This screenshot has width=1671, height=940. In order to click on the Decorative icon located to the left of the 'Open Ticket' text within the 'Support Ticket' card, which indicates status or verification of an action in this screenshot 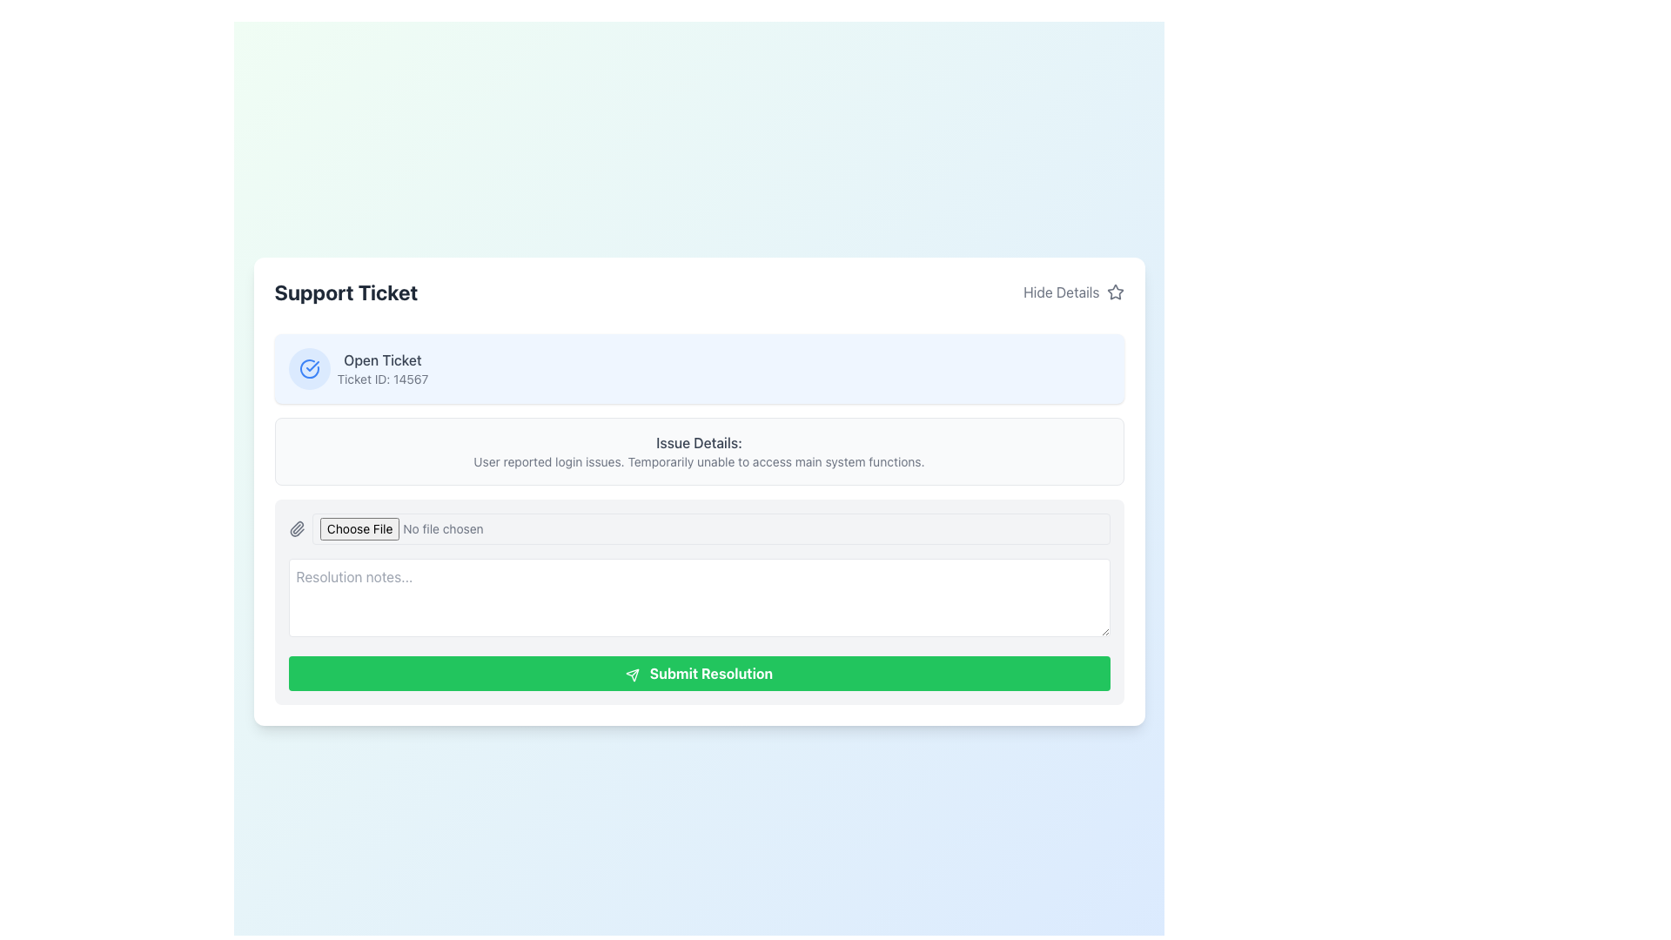, I will do `click(309, 368)`.